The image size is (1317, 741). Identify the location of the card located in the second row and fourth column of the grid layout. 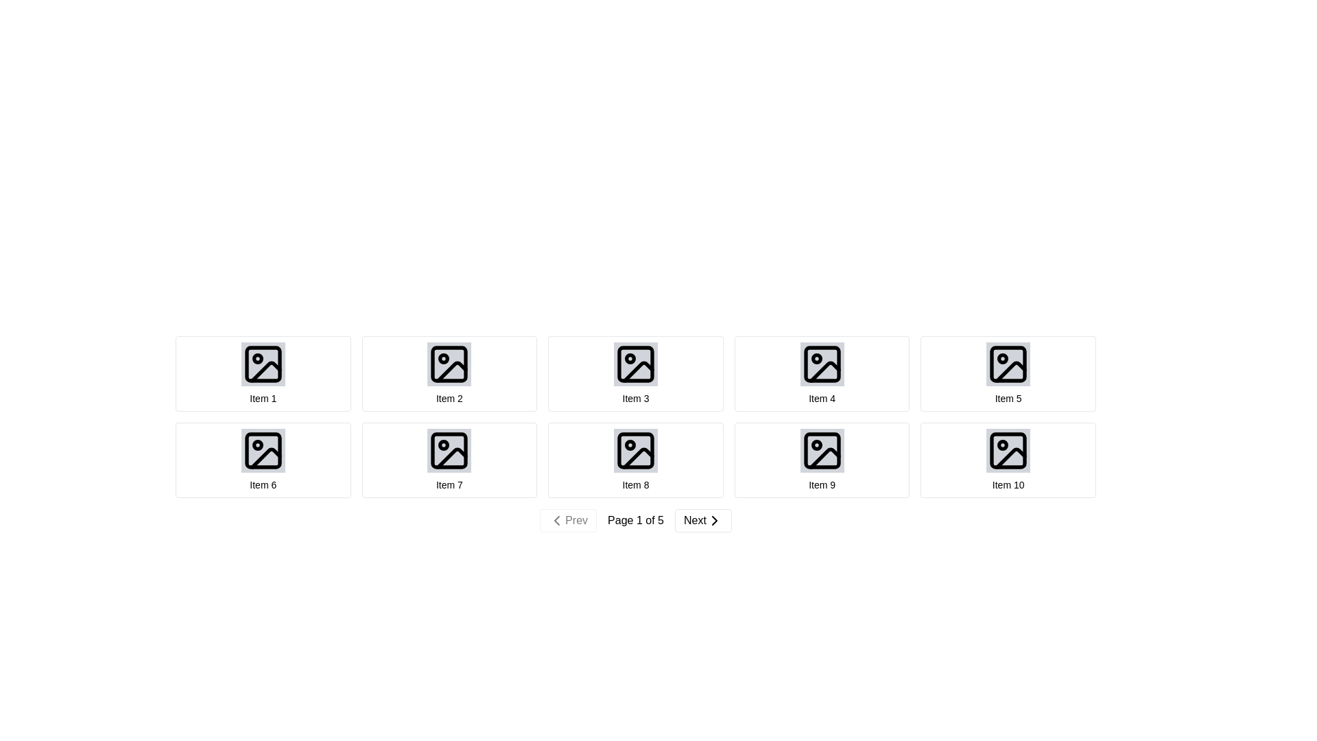
(822, 460).